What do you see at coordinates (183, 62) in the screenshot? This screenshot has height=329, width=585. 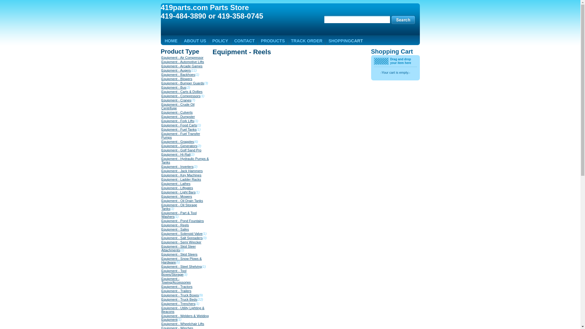 I see `'Equipment - Automotive Lifts'` at bounding box center [183, 62].